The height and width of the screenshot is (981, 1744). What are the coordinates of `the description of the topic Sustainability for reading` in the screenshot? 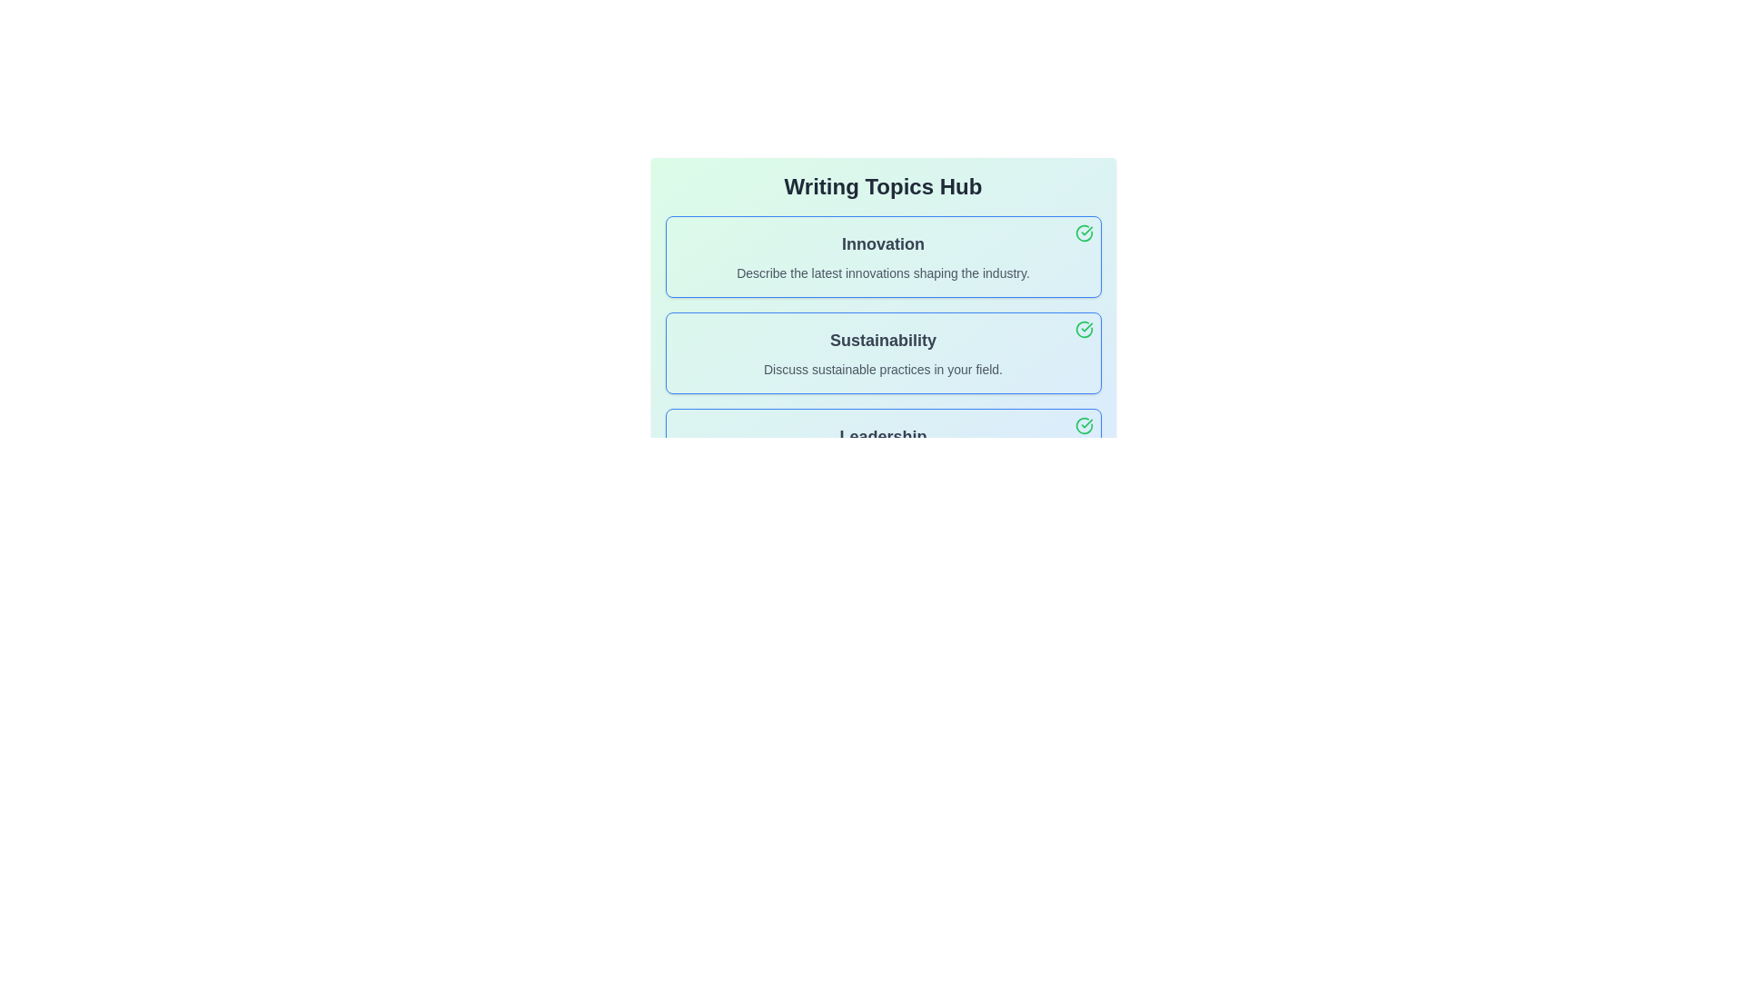 It's located at (883, 353).